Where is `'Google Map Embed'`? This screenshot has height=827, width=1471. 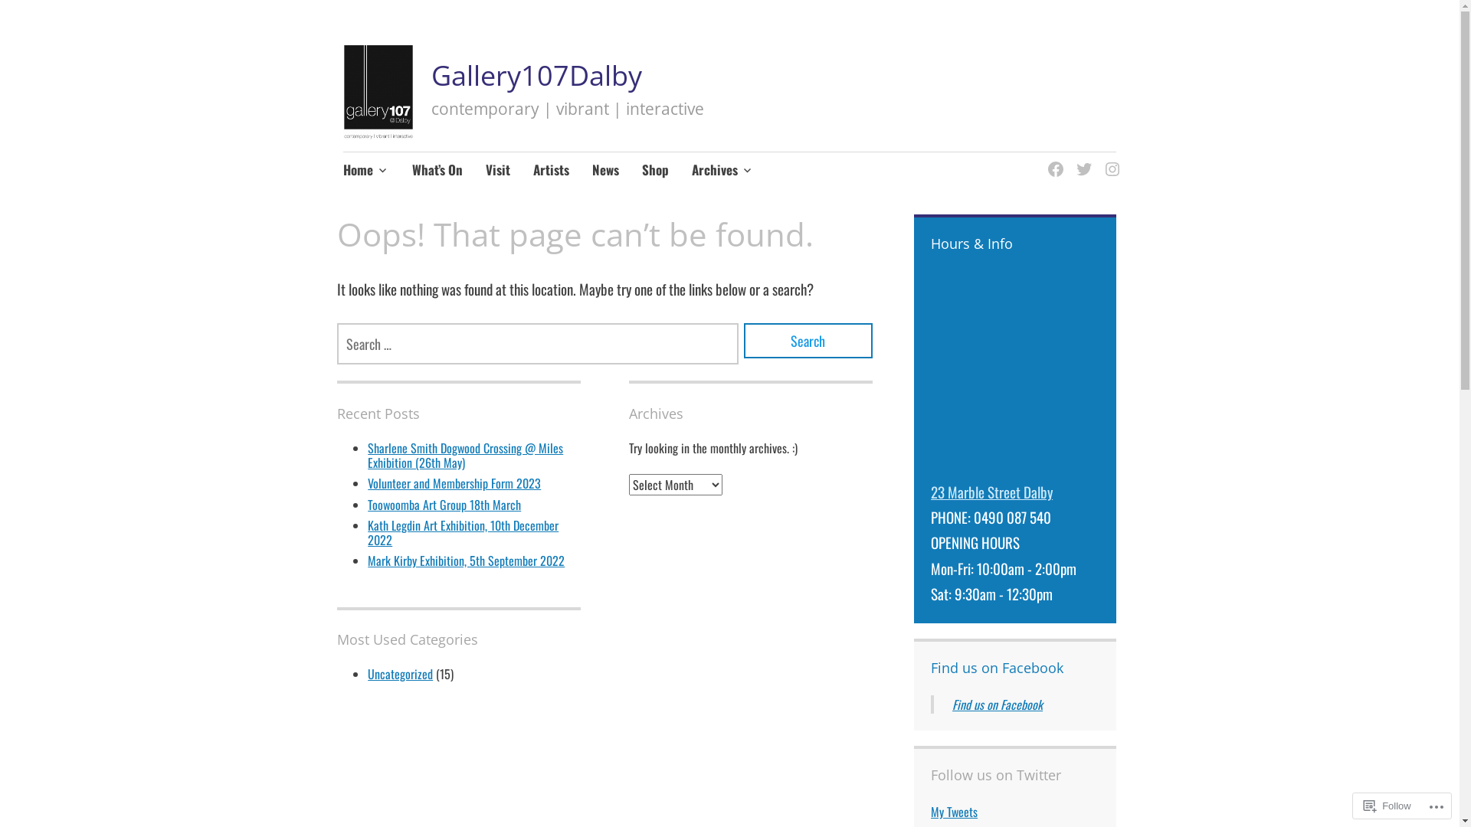 'Google Map Embed' is located at coordinates (1014, 372).